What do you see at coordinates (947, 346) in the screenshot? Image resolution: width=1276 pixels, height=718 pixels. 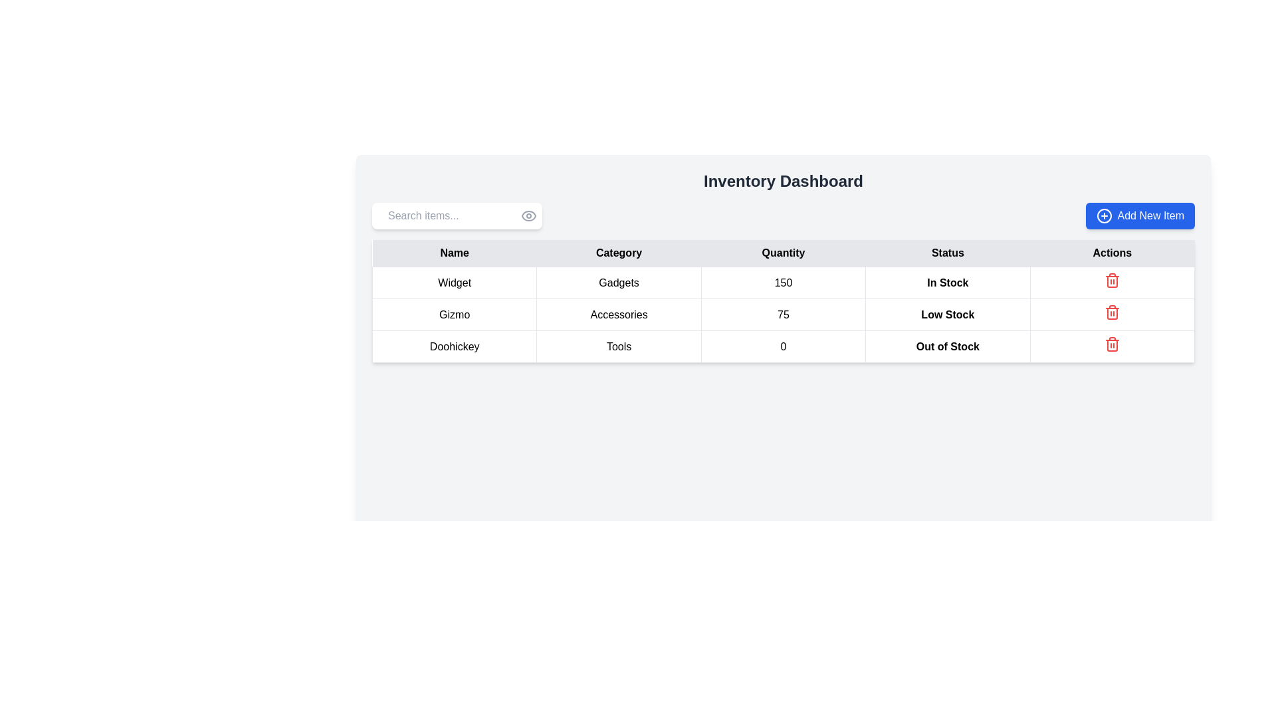 I see `text content of the 'Out of Stock' label located in the 'Status' column of the last row in the table, next to the 'Quantity' column and left of the 'Actions' column` at bounding box center [947, 346].